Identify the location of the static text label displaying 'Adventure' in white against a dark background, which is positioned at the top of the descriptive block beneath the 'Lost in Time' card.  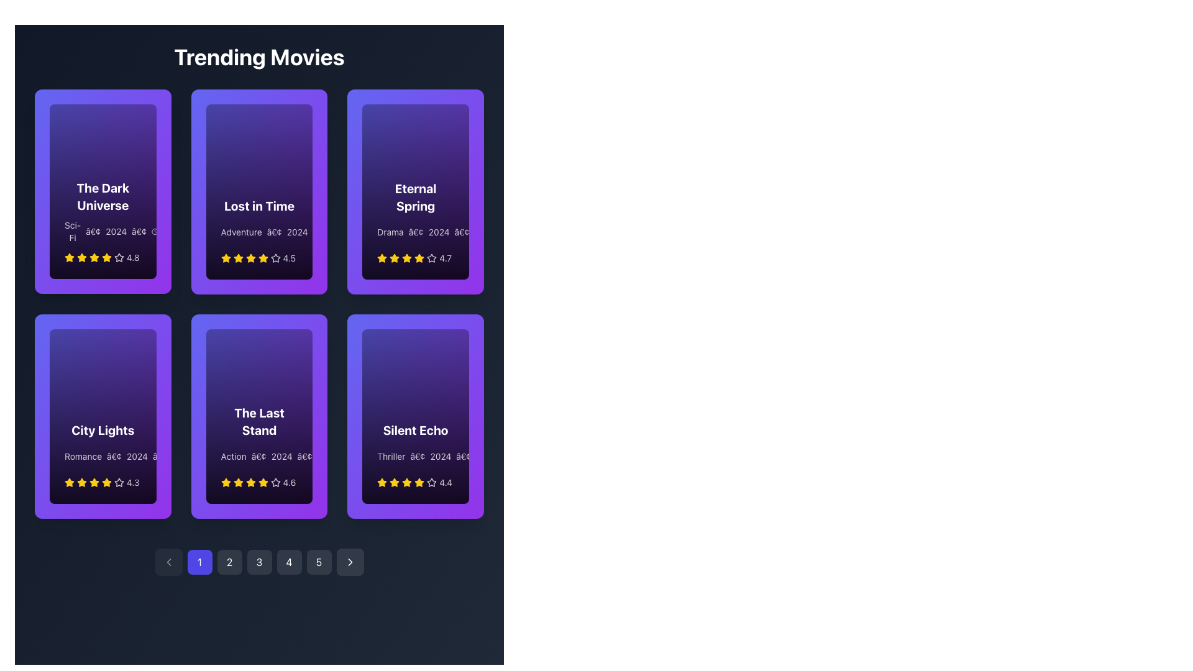
(241, 232).